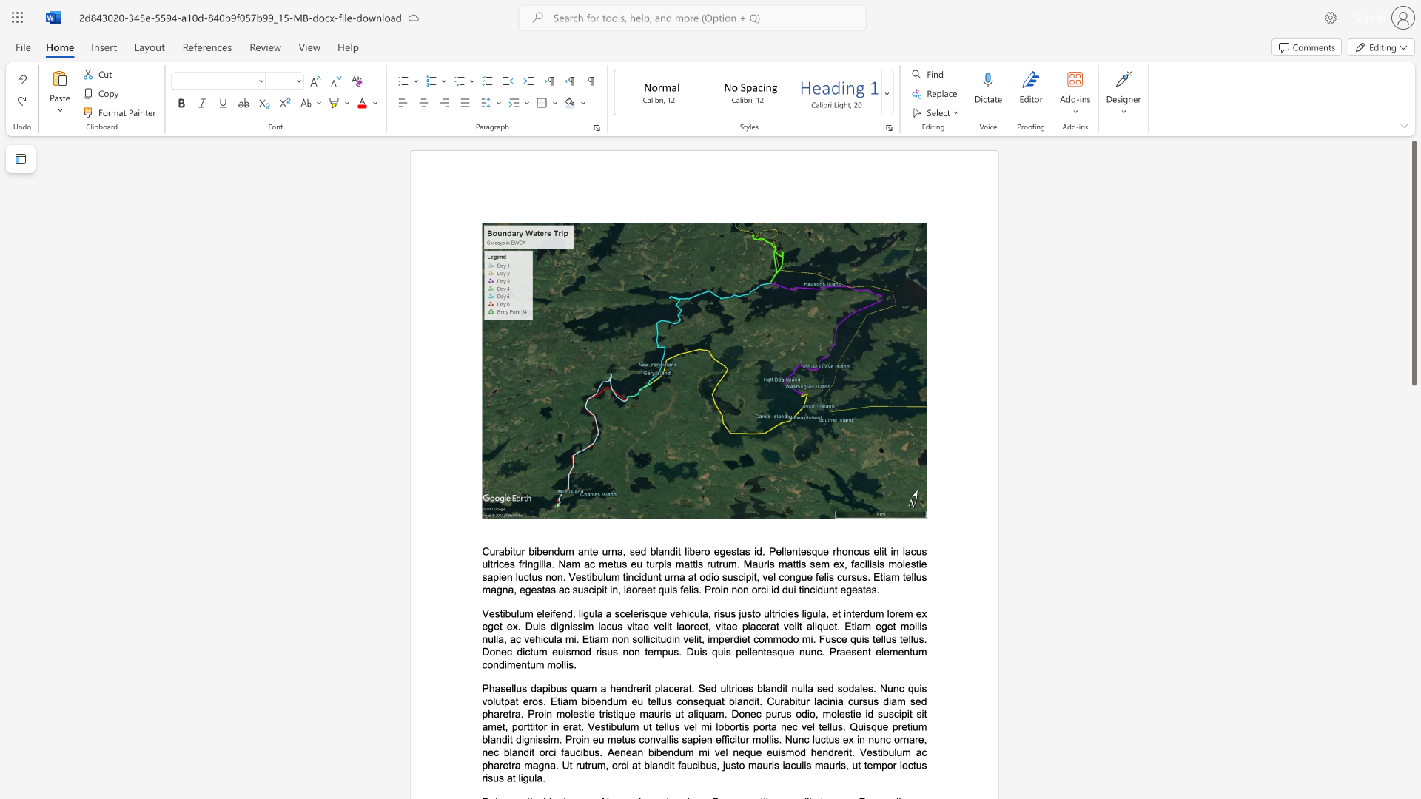 Image resolution: width=1421 pixels, height=799 pixels. Describe the element at coordinates (494, 626) in the screenshot. I see `the subset text "et ex. Duis dignissim lacus vitae velit laoreet, vitae placerat velit aliquet. Etiam eget mollis nulla, ac vehicula mi. Etiam non sollicitudin velit, imperdiet commodo mi. Fusce quis tellus tell" within the text "Vestibulum eleifend, ligula a scelerisque vehicula, risus justo ultricies ligula, et interdum lorem ex eget ex. Duis dignissim lacus vitae velit laoreet, vitae placerat velit aliquet. Etiam eget mollis nulla, ac vehicula mi. Etiam non sollicitudin velit, imperdiet commodo mi. Fusce quis tellus tellus. Donec dictum euismod risus non tempus. Duis quis pellentesque nunc. Praesent elementum condimentum mollis."` at that location.